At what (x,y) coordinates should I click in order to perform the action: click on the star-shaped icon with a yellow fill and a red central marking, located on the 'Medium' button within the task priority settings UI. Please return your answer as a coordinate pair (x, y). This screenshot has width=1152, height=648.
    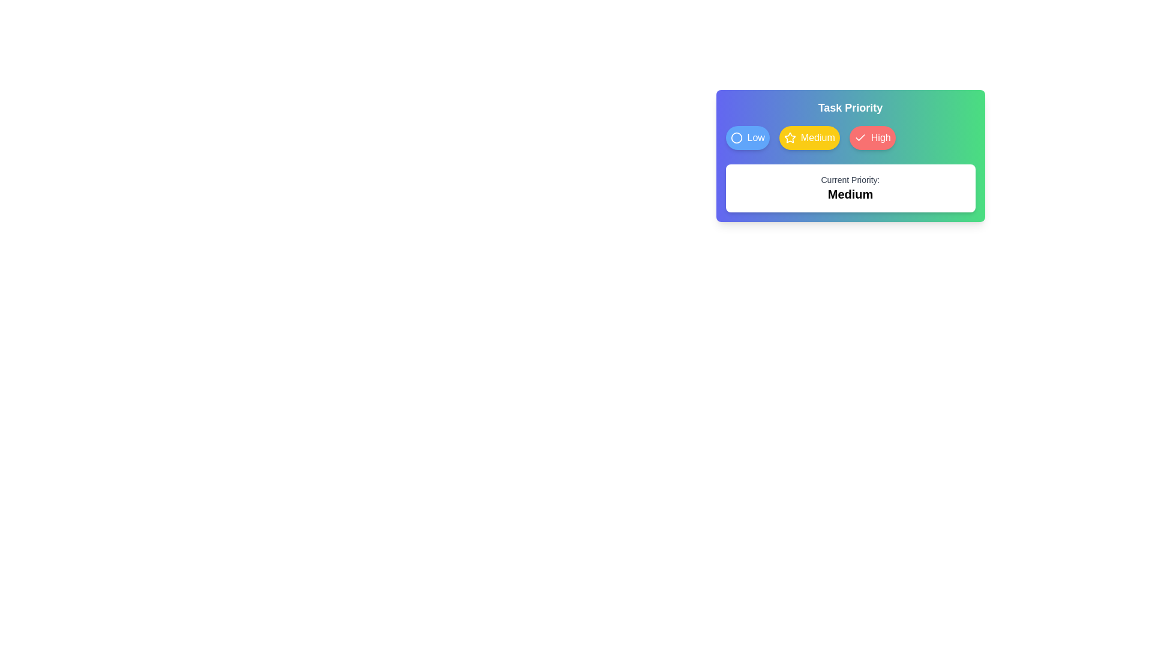
    Looking at the image, I should click on (789, 136).